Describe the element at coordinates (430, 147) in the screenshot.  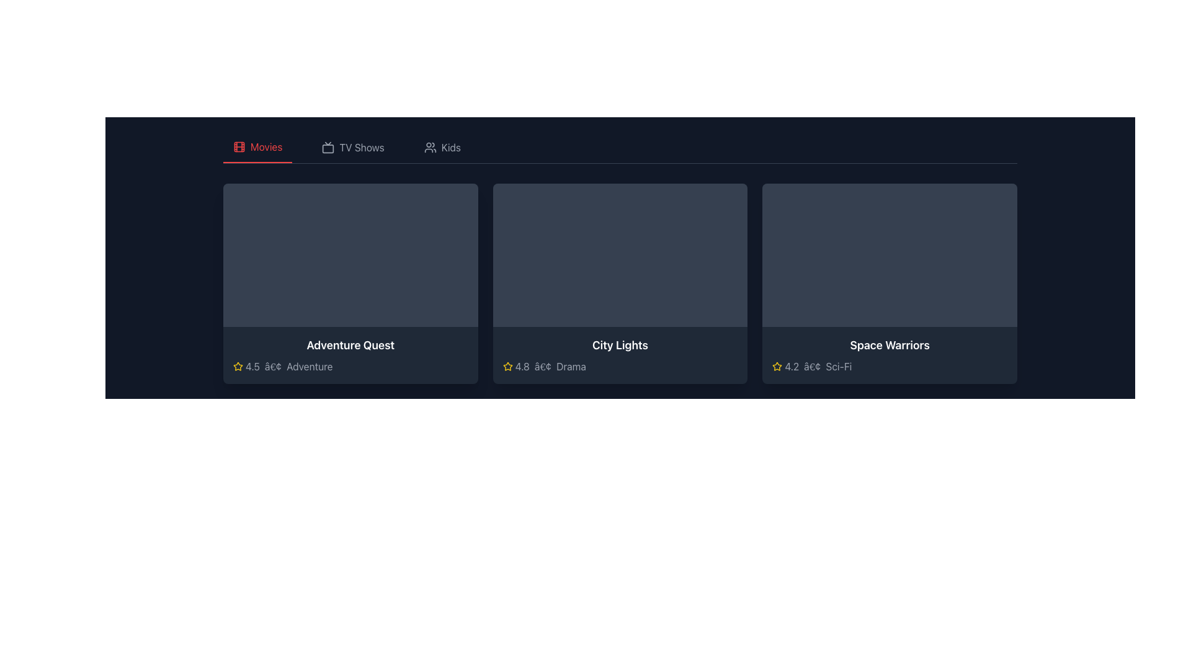
I see `the 'Kids' tab icon, which serves as a visual indicator for the section dedicated to kid-friendly content, positioned to the right of the 'TV Shows' tab` at that location.